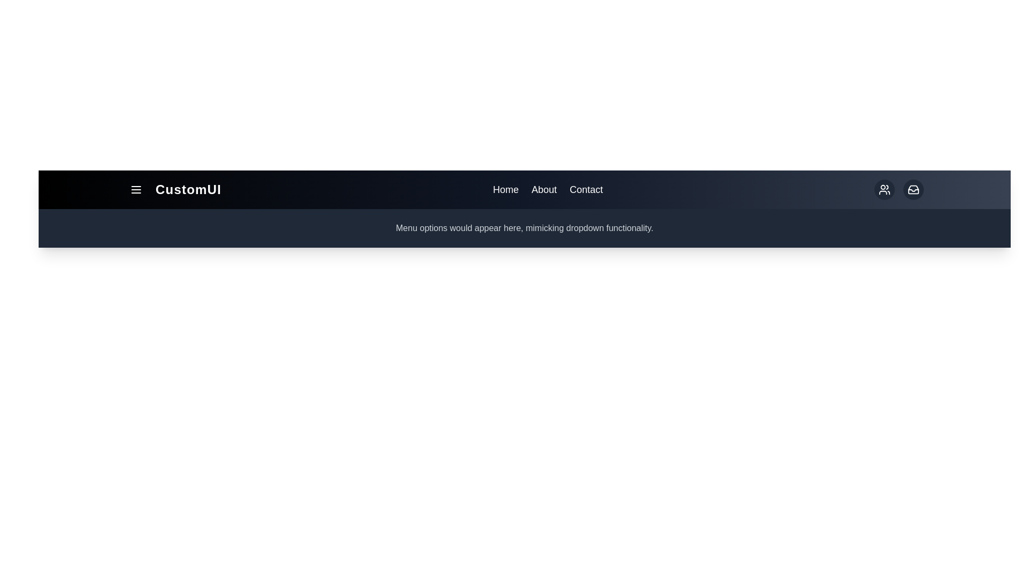 The width and height of the screenshot is (1030, 579). I want to click on the 'Contact' link in the navigation bar, so click(586, 189).